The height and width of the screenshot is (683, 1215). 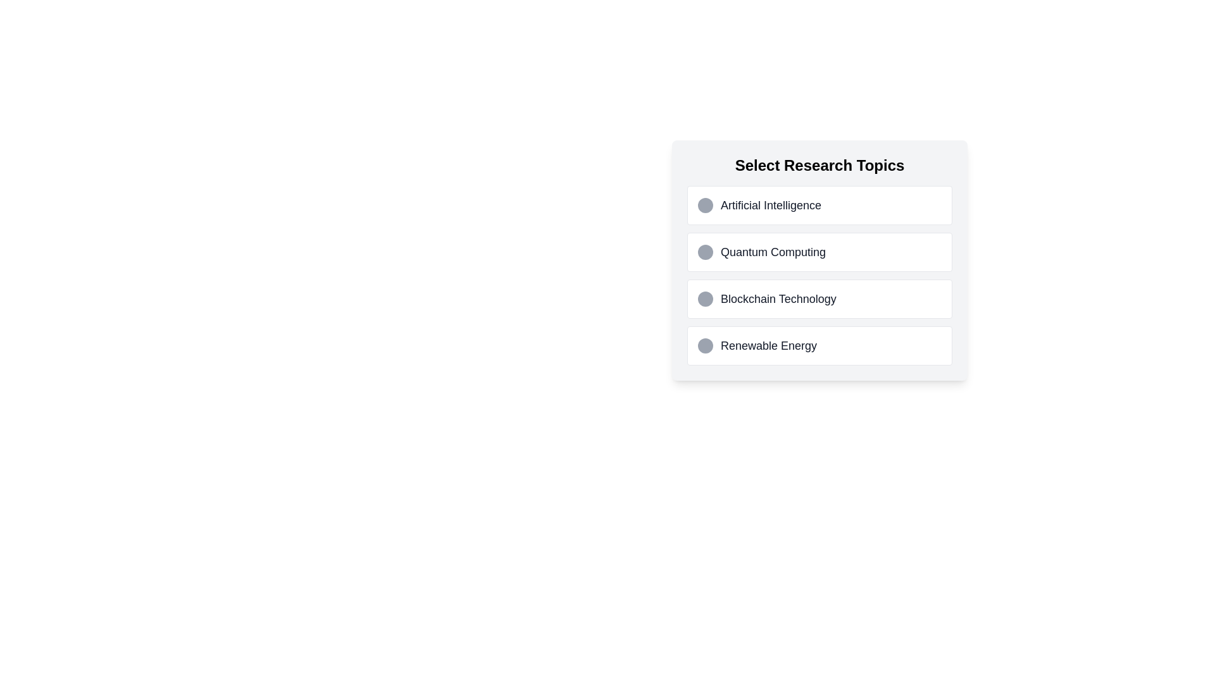 I want to click on the text label that describes a selectable research topic, located as the fourth item in the vertical list titled 'Select Research Topics', so click(x=768, y=346).